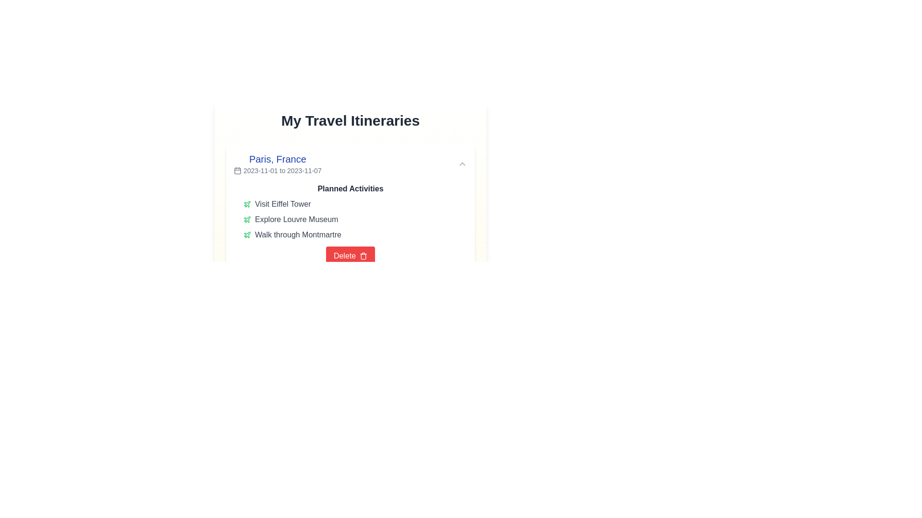  What do you see at coordinates (350, 255) in the screenshot?
I see `the 'Delete' button with a red background and white text, located at the bottom of the 'Planned Activities' section, to change its background color` at bounding box center [350, 255].